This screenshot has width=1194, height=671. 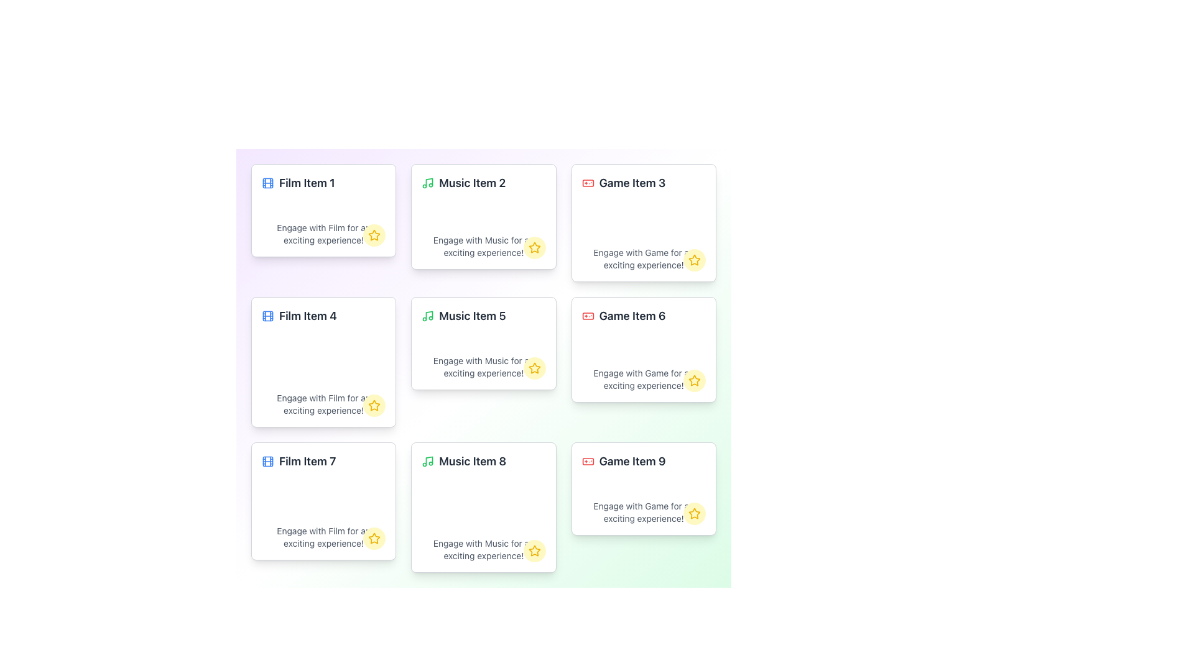 I want to click on the center of the Interactive Card located in the bottom row of the grid, between 'Film Item 7' and 'Game Item 9', so click(x=483, y=508).